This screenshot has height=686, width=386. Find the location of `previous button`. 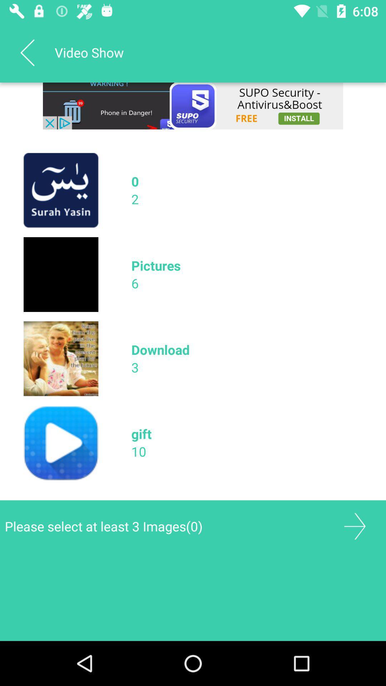

previous button is located at coordinates (27, 52).